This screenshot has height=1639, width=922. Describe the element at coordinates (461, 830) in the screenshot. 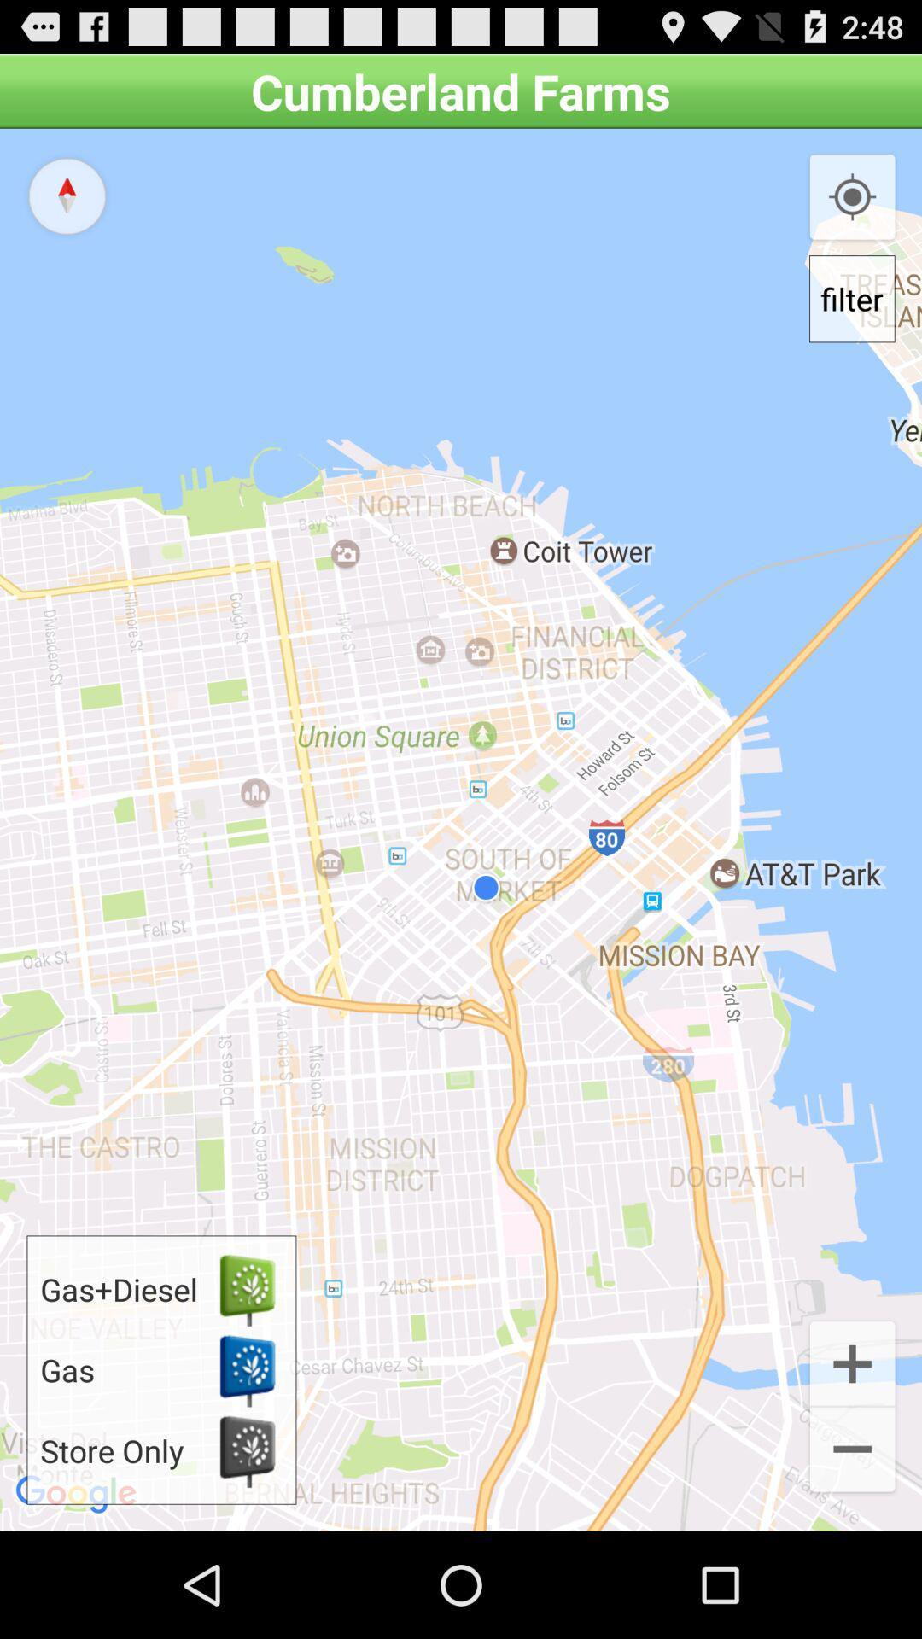

I see `icon at the center` at that location.